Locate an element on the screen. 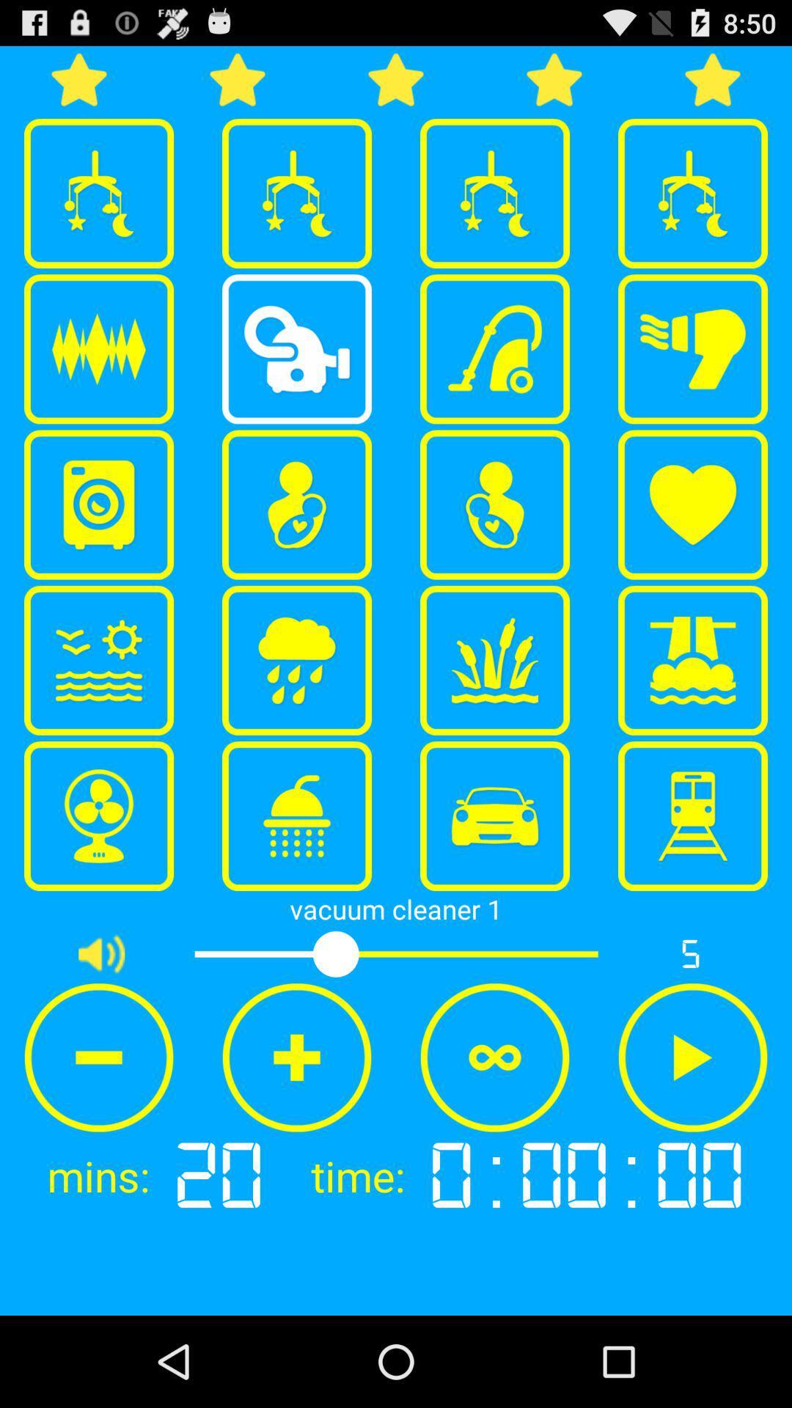  the app above the vacuum cleaner 1 is located at coordinates (99, 815).